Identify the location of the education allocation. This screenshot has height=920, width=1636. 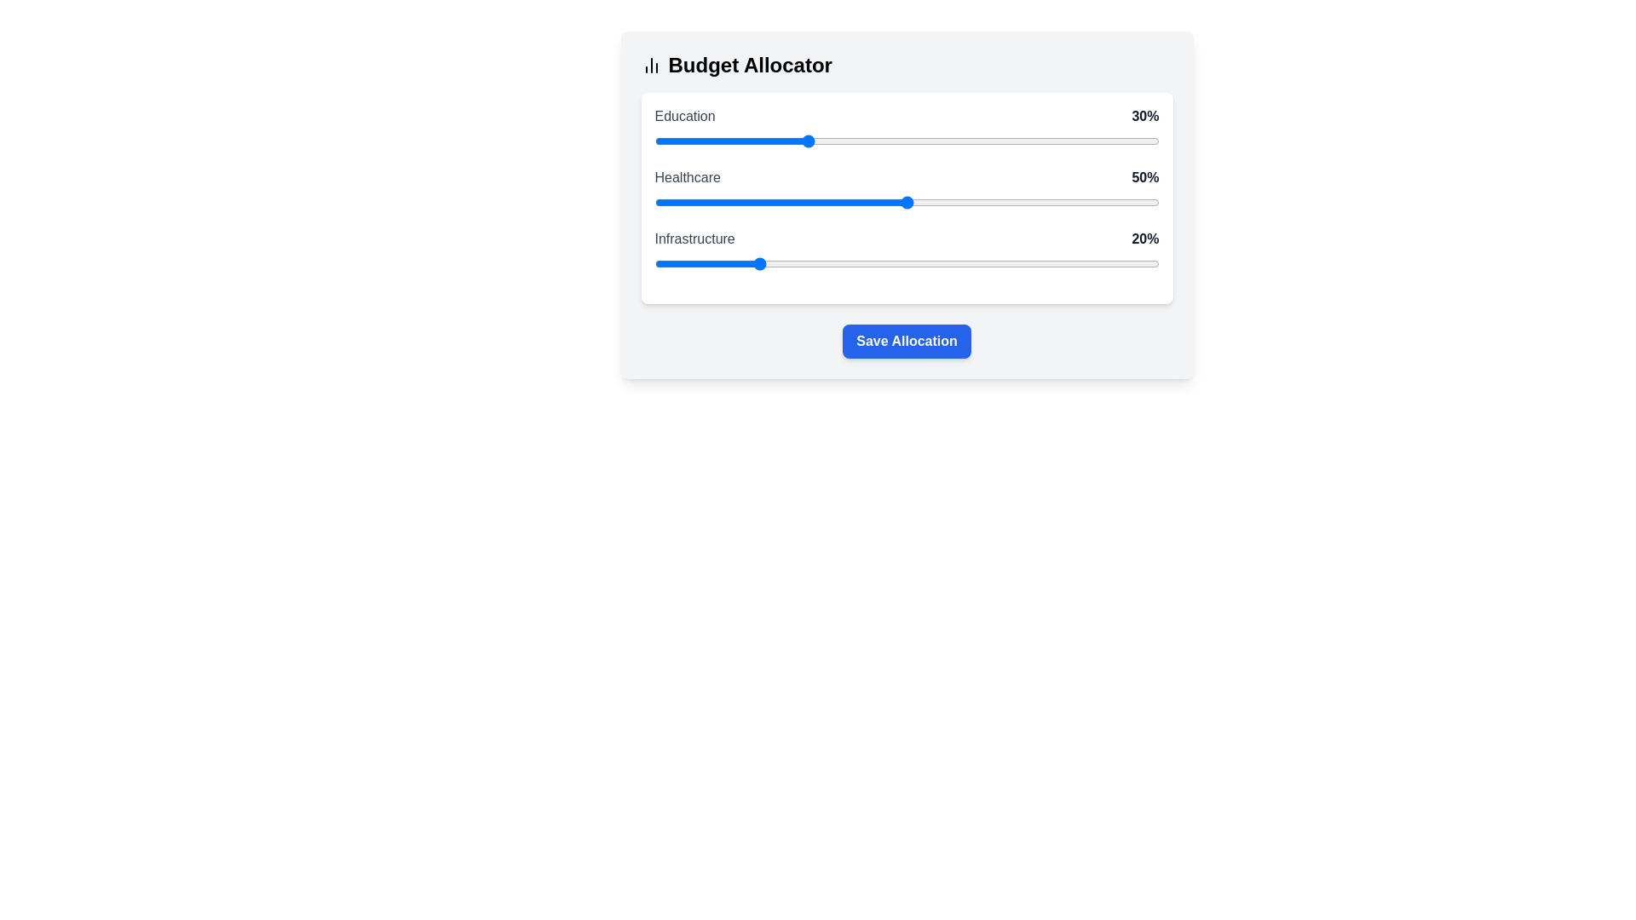
(1047, 140).